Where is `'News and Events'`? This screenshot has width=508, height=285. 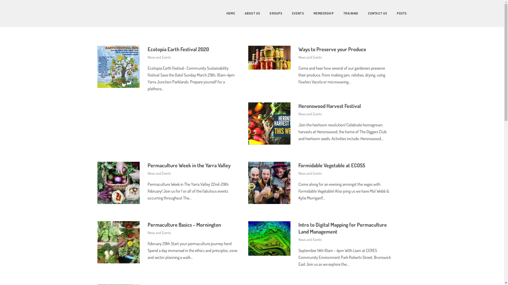 'News and Events' is located at coordinates (159, 57).